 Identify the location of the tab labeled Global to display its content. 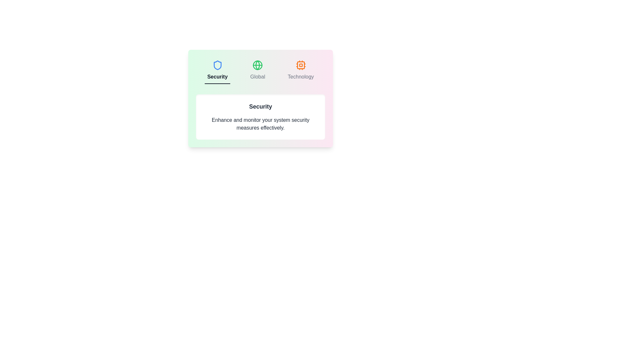
(257, 71).